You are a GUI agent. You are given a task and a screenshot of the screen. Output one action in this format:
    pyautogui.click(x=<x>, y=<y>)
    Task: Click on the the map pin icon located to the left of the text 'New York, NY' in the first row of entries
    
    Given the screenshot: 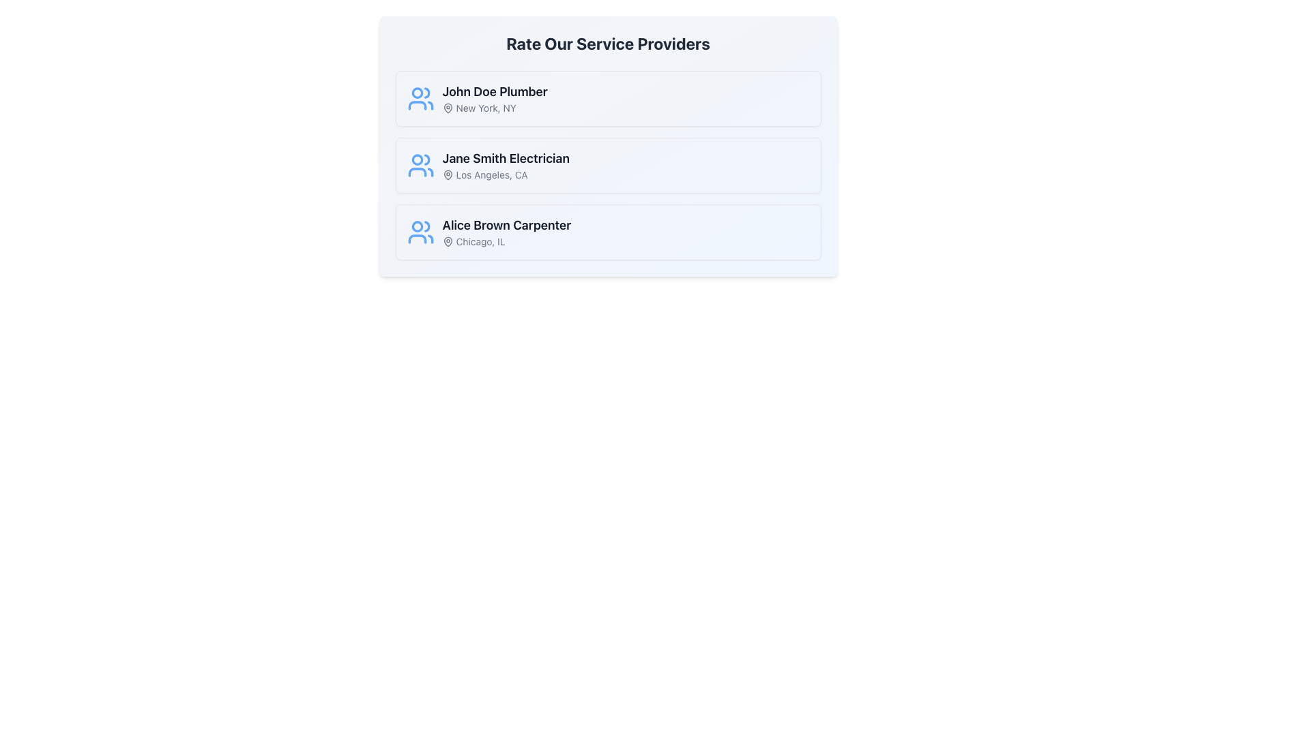 What is the action you would take?
    pyautogui.click(x=448, y=107)
    